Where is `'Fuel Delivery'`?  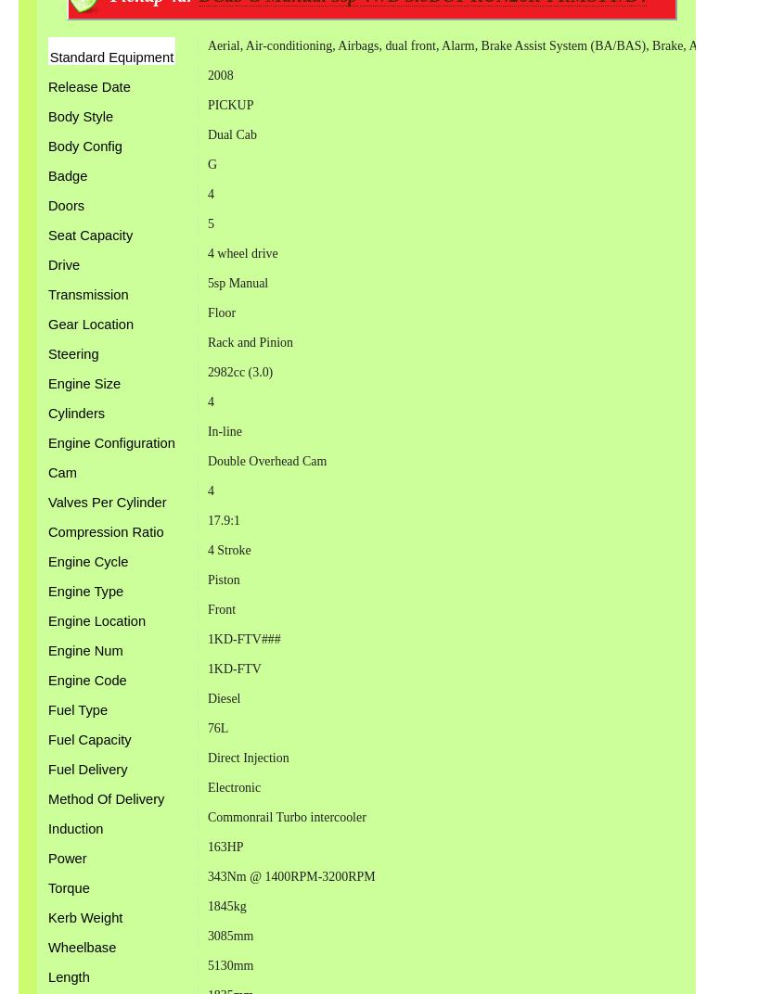
'Fuel Delivery' is located at coordinates (87, 769).